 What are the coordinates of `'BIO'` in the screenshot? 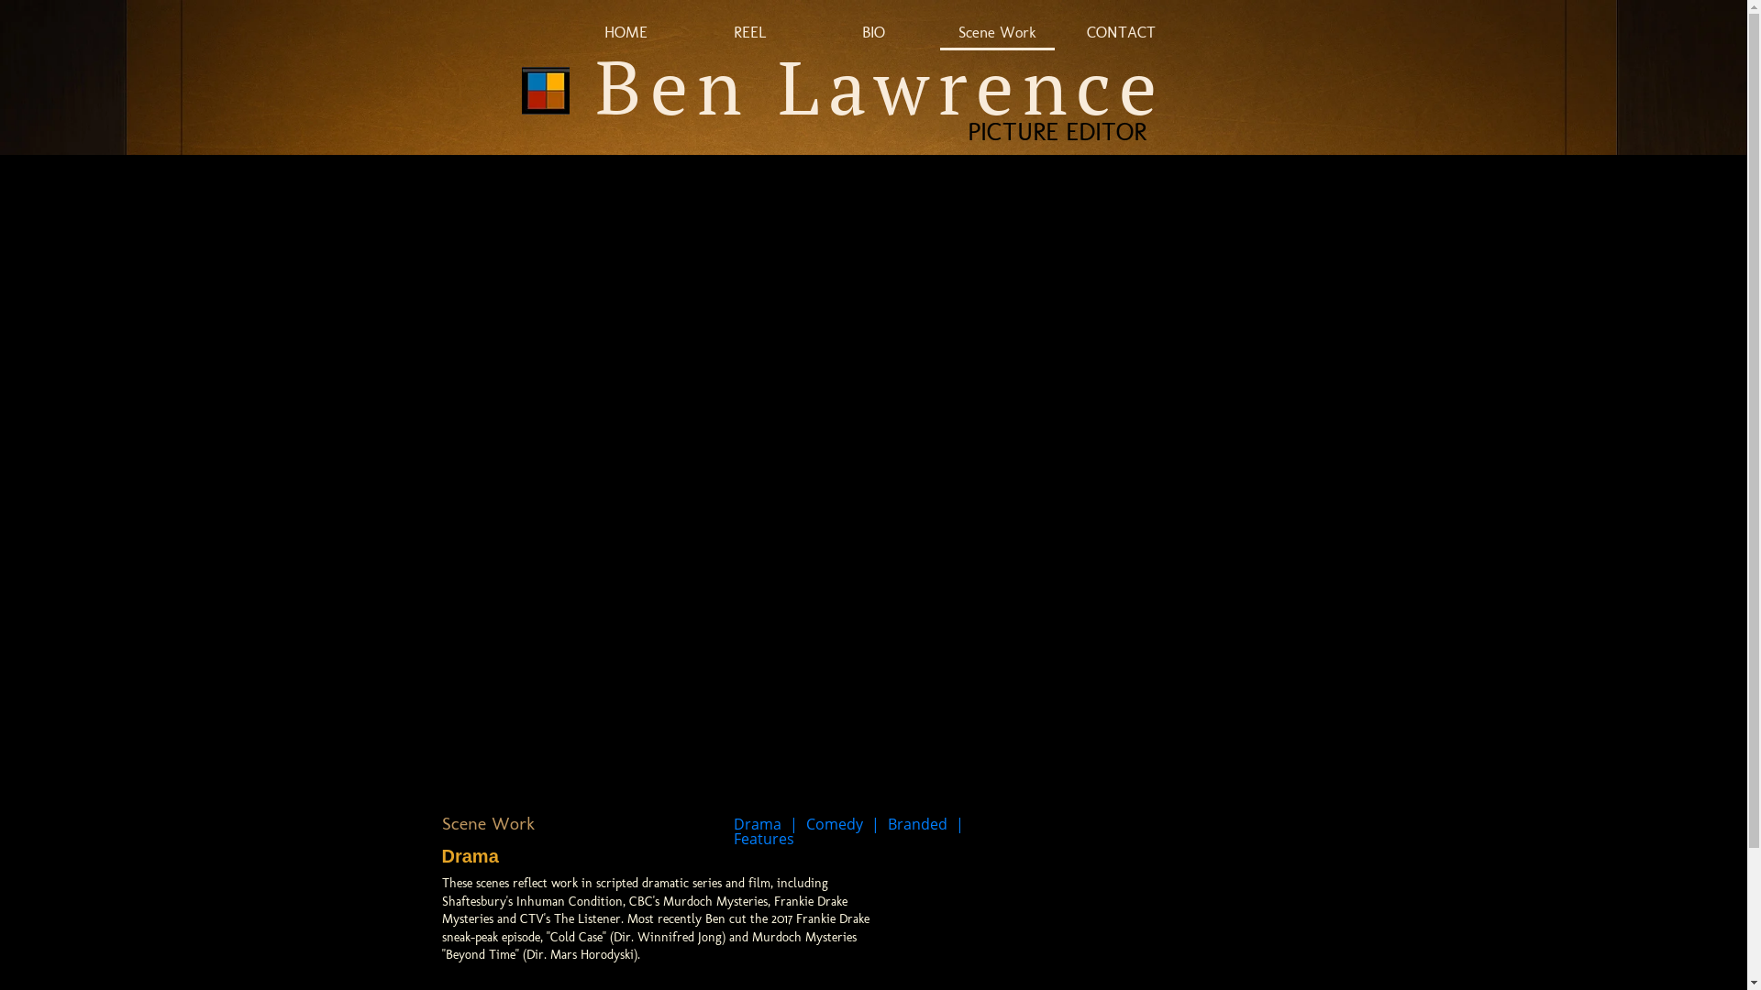 It's located at (872, 34).